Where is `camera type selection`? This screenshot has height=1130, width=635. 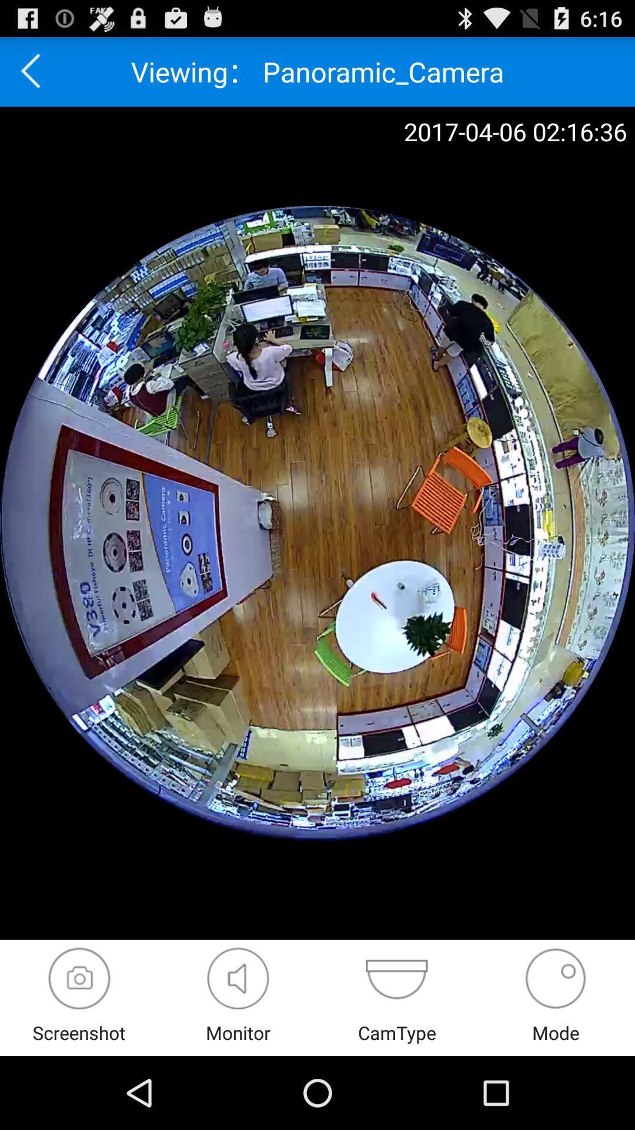
camera type selection is located at coordinates (397, 978).